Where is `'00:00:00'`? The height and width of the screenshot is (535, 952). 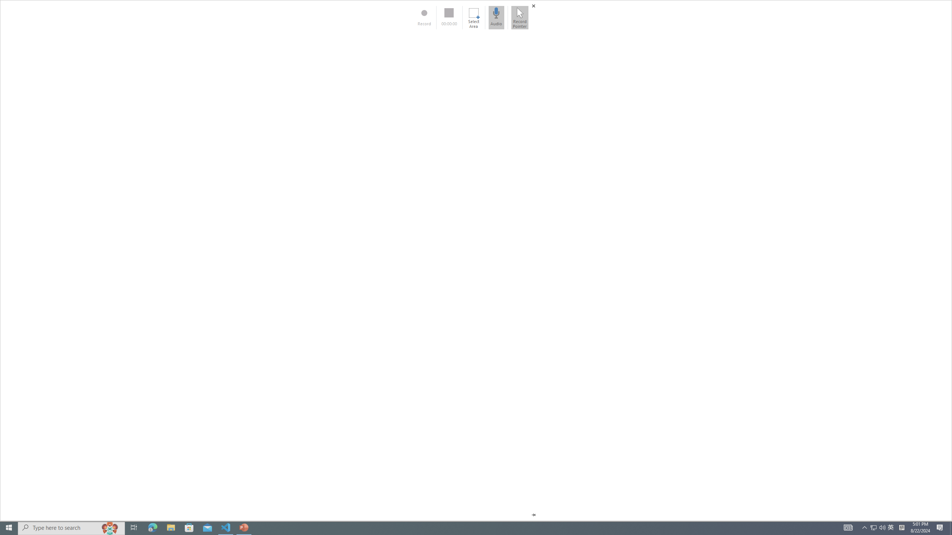 '00:00:00' is located at coordinates (449, 17).